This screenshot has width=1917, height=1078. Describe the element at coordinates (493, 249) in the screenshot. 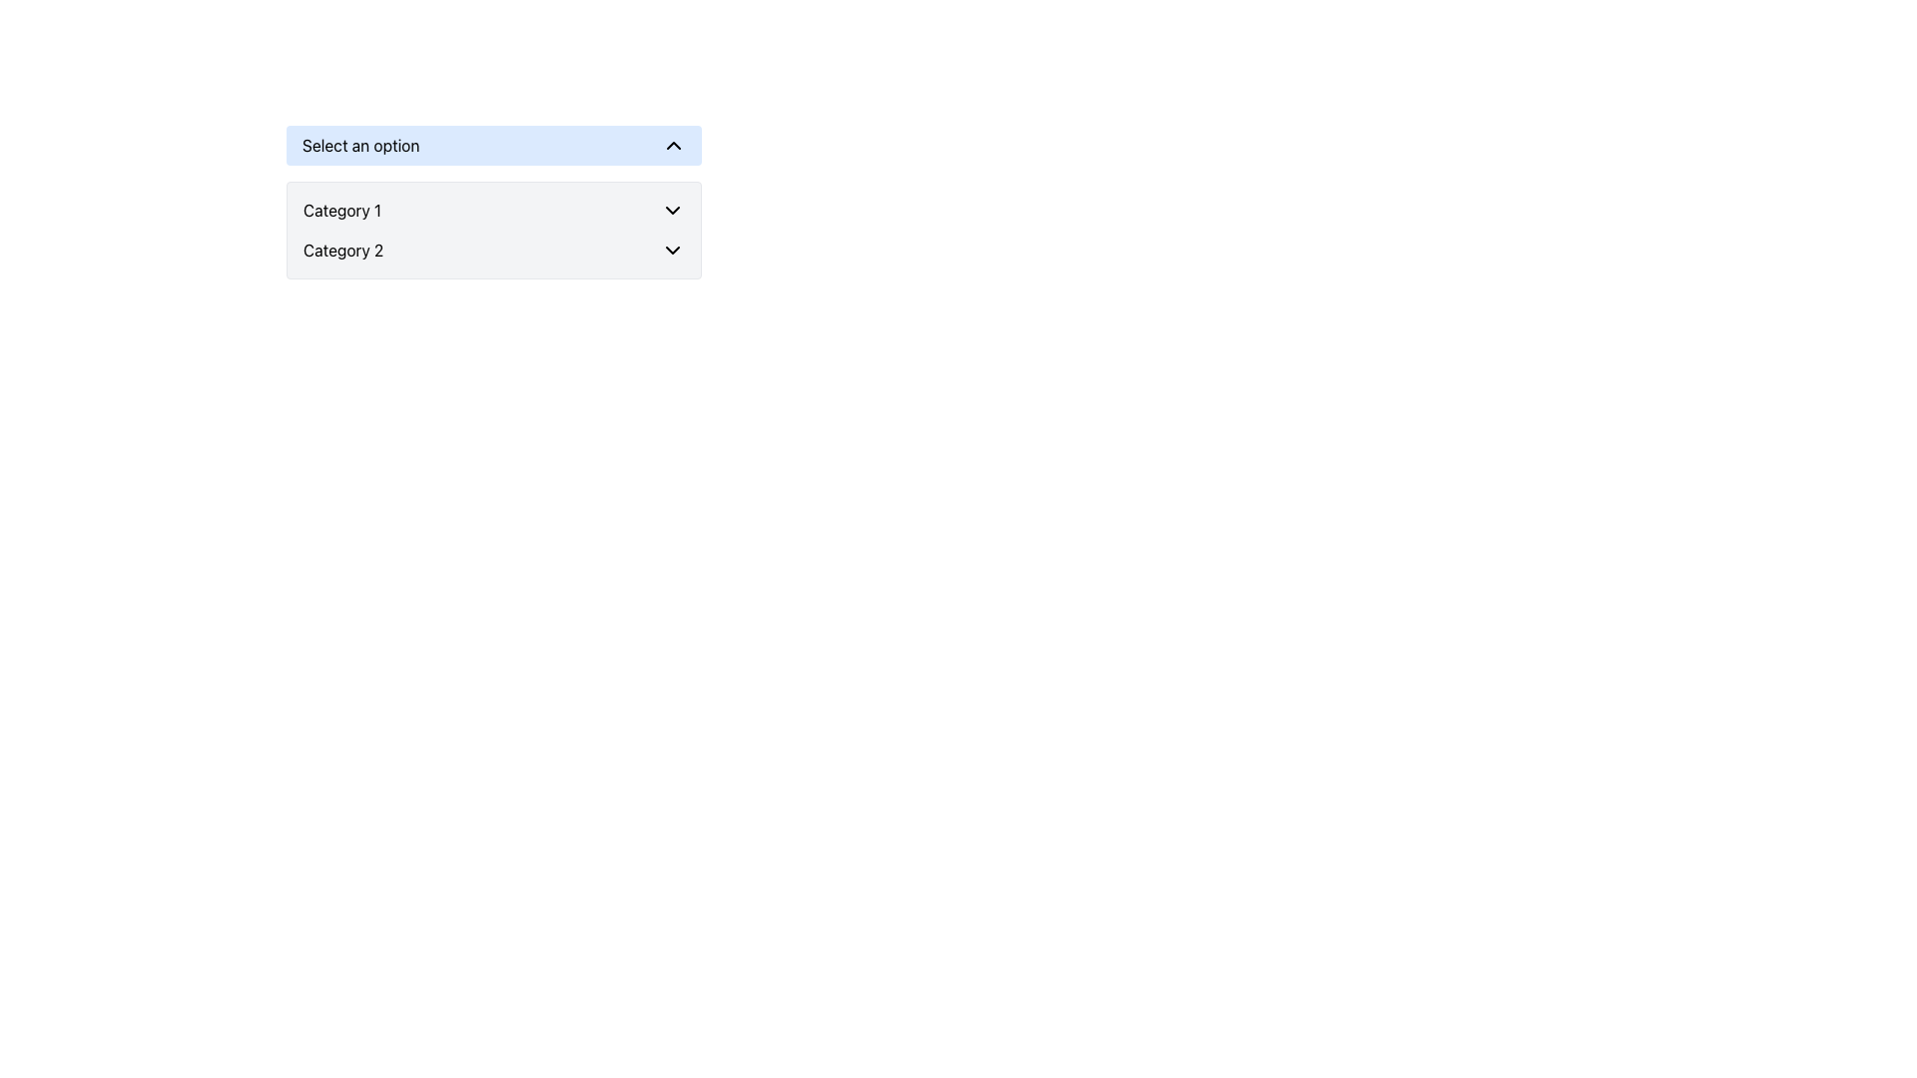

I see `the 'Category 2' dropdown option` at that location.